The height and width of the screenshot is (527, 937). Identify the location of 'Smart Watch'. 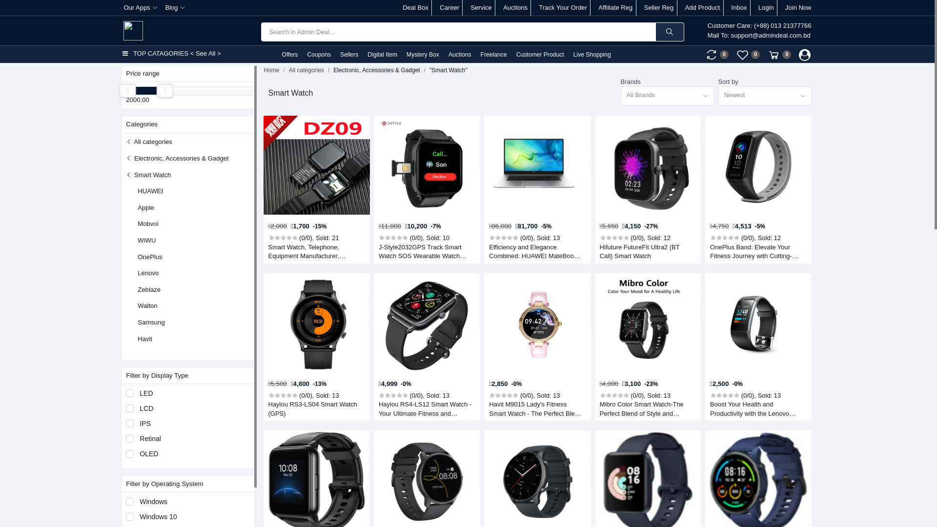
(147, 174).